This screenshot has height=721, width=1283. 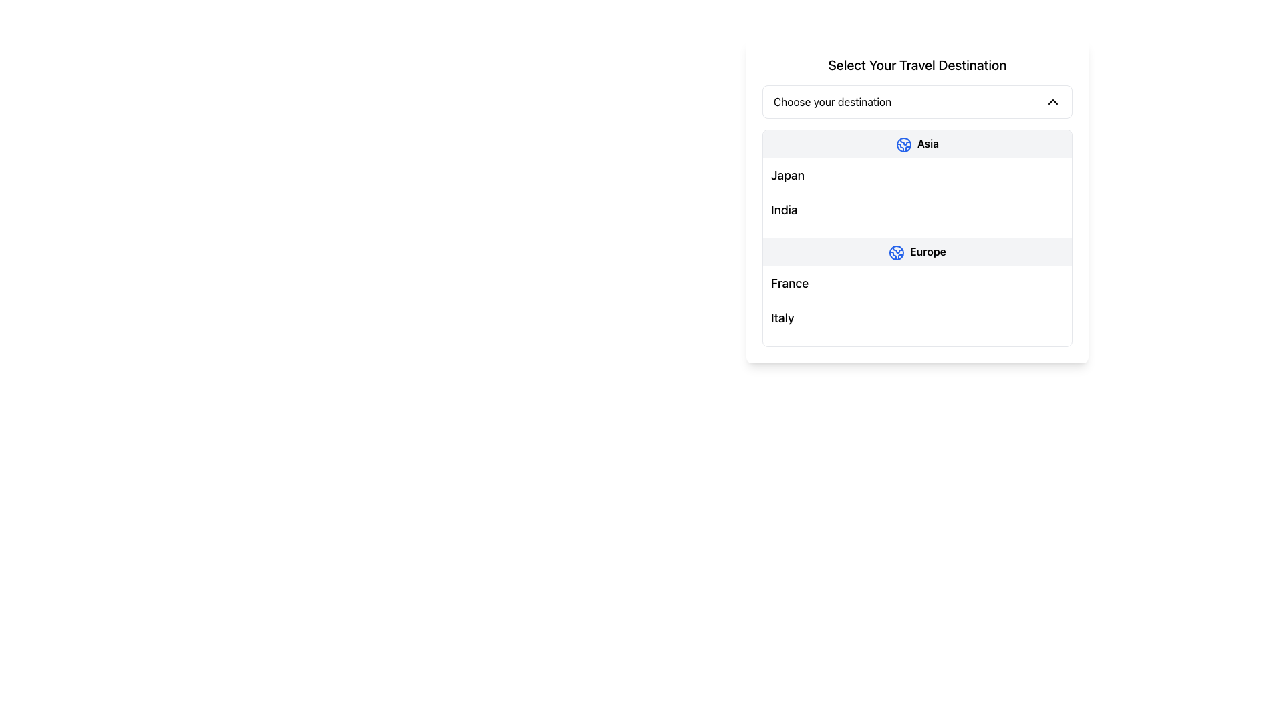 What do you see at coordinates (927, 251) in the screenshot?
I see `the text label in the dropdown list of destinations, which is located in the middle of the second row and has a light gray background with an adjacent globe icon` at bounding box center [927, 251].